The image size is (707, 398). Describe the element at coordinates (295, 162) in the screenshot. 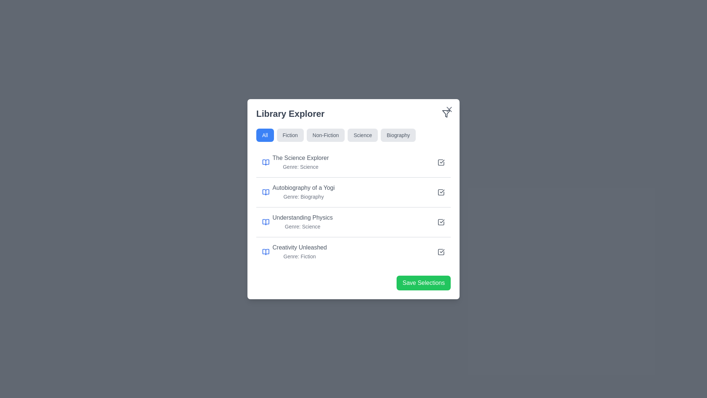

I see `the informational text block titled 'The Science Explorer' with the subtitle 'Genre: Science' and an open book icon in the Library Explorer modal` at that location.